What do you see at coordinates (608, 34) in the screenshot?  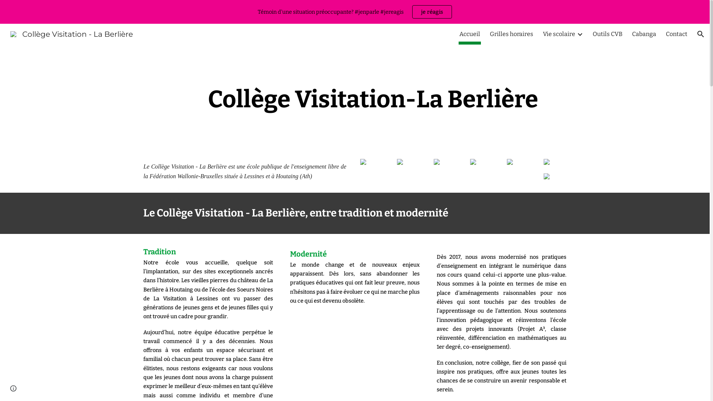 I see `'Outils CVB'` at bounding box center [608, 34].